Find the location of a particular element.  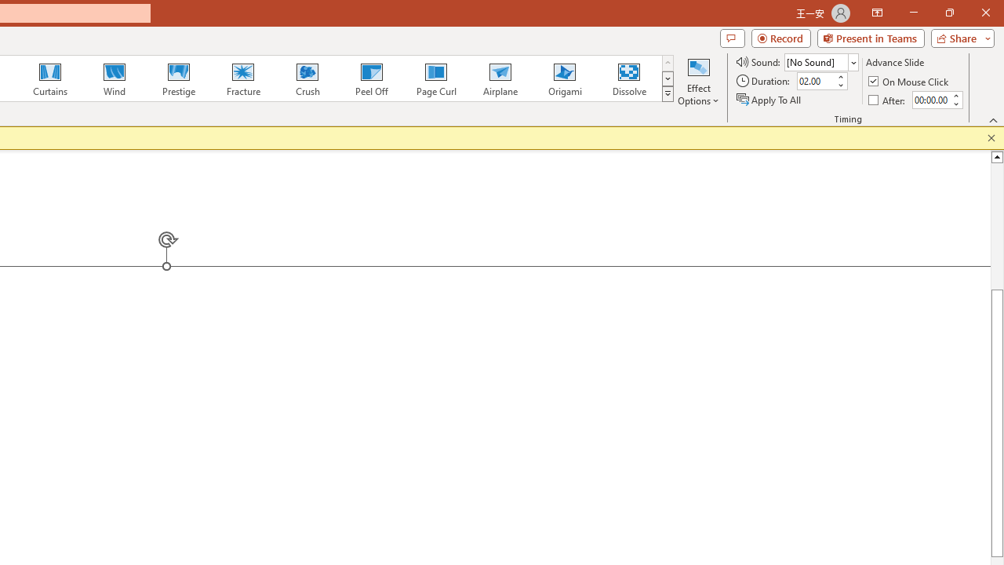

'Apply To All' is located at coordinates (769, 100).